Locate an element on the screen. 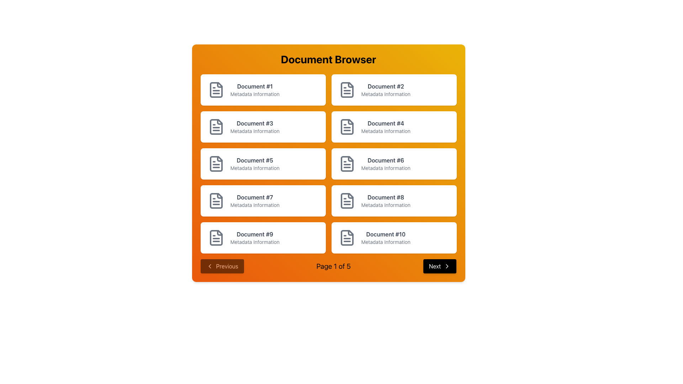 This screenshot has height=384, width=683. the chevron icon located on the left side of the 'Previous' navigation button at the bottom-left corner of the interface to move to the previous page or section is located at coordinates (209, 266).